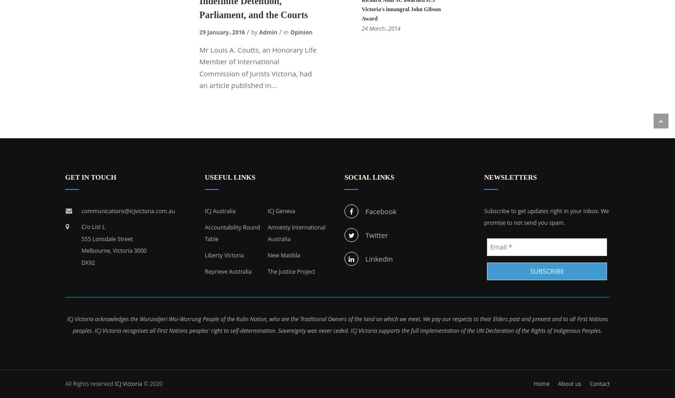  What do you see at coordinates (268, 32) in the screenshot?
I see `'admin'` at bounding box center [268, 32].